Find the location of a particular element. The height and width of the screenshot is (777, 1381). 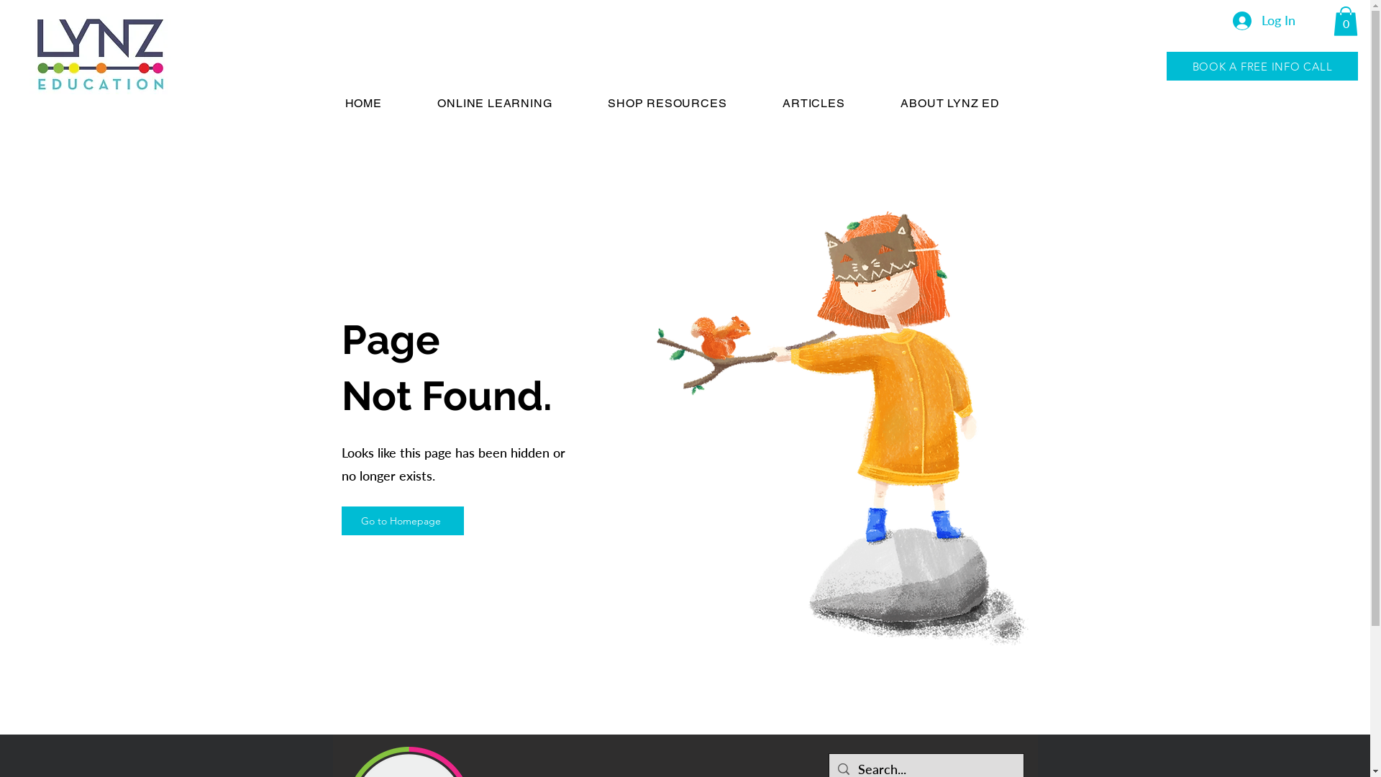

'ONLINE LEARNING' is located at coordinates (512, 102).